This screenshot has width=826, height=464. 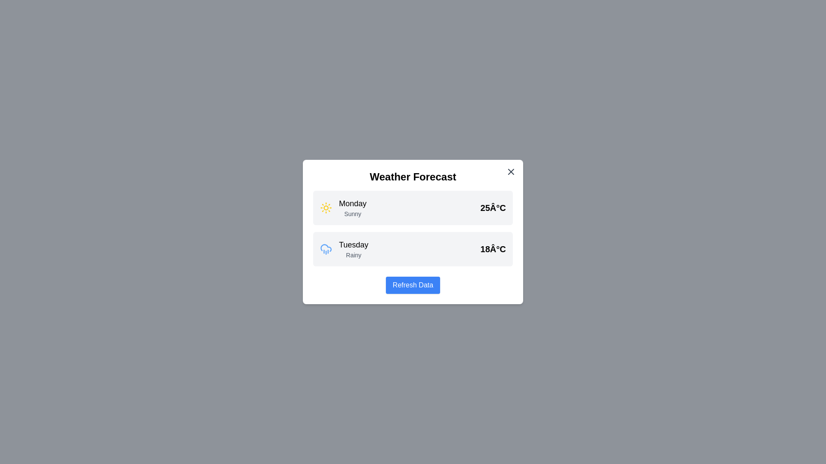 What do you see at coordinates (354, 255) in the screenshot?
I see `the Text label that describes the weather condition 'Rainy' for 'Tuesday' in the bottom-right section of the weather forecast dialog box` at bounding box center [354, 255].